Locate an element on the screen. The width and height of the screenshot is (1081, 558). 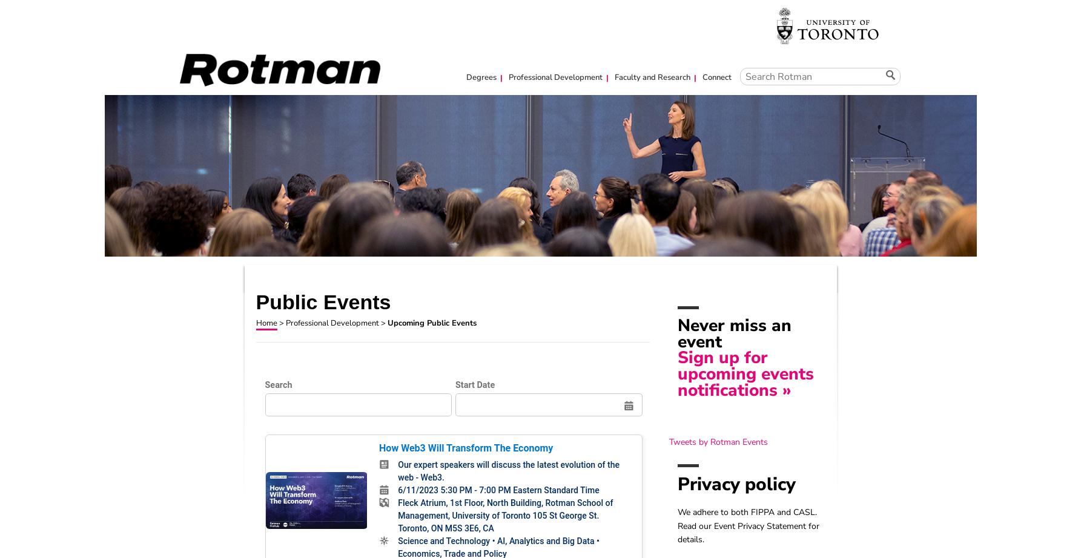
'>
            
            Professional Development
            
        >' is located at coordinates (331, 323).